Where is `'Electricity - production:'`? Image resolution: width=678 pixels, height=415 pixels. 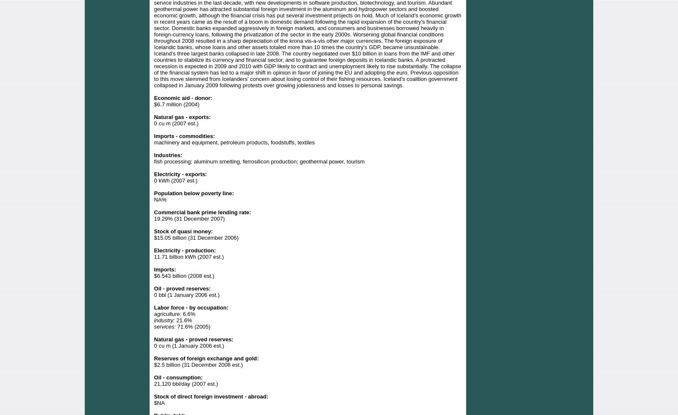 'Electricity - production:' is located at coordinates (184, 250).